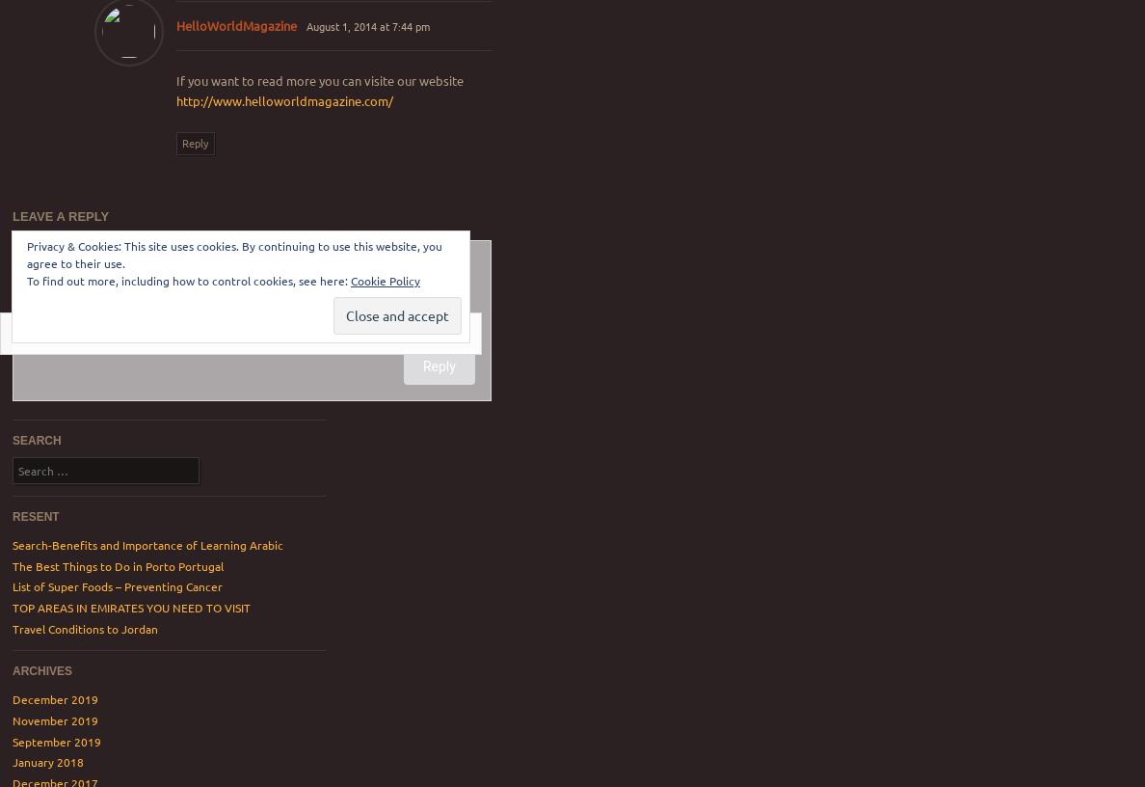  I want to click on 'Search', so click(29, 464).